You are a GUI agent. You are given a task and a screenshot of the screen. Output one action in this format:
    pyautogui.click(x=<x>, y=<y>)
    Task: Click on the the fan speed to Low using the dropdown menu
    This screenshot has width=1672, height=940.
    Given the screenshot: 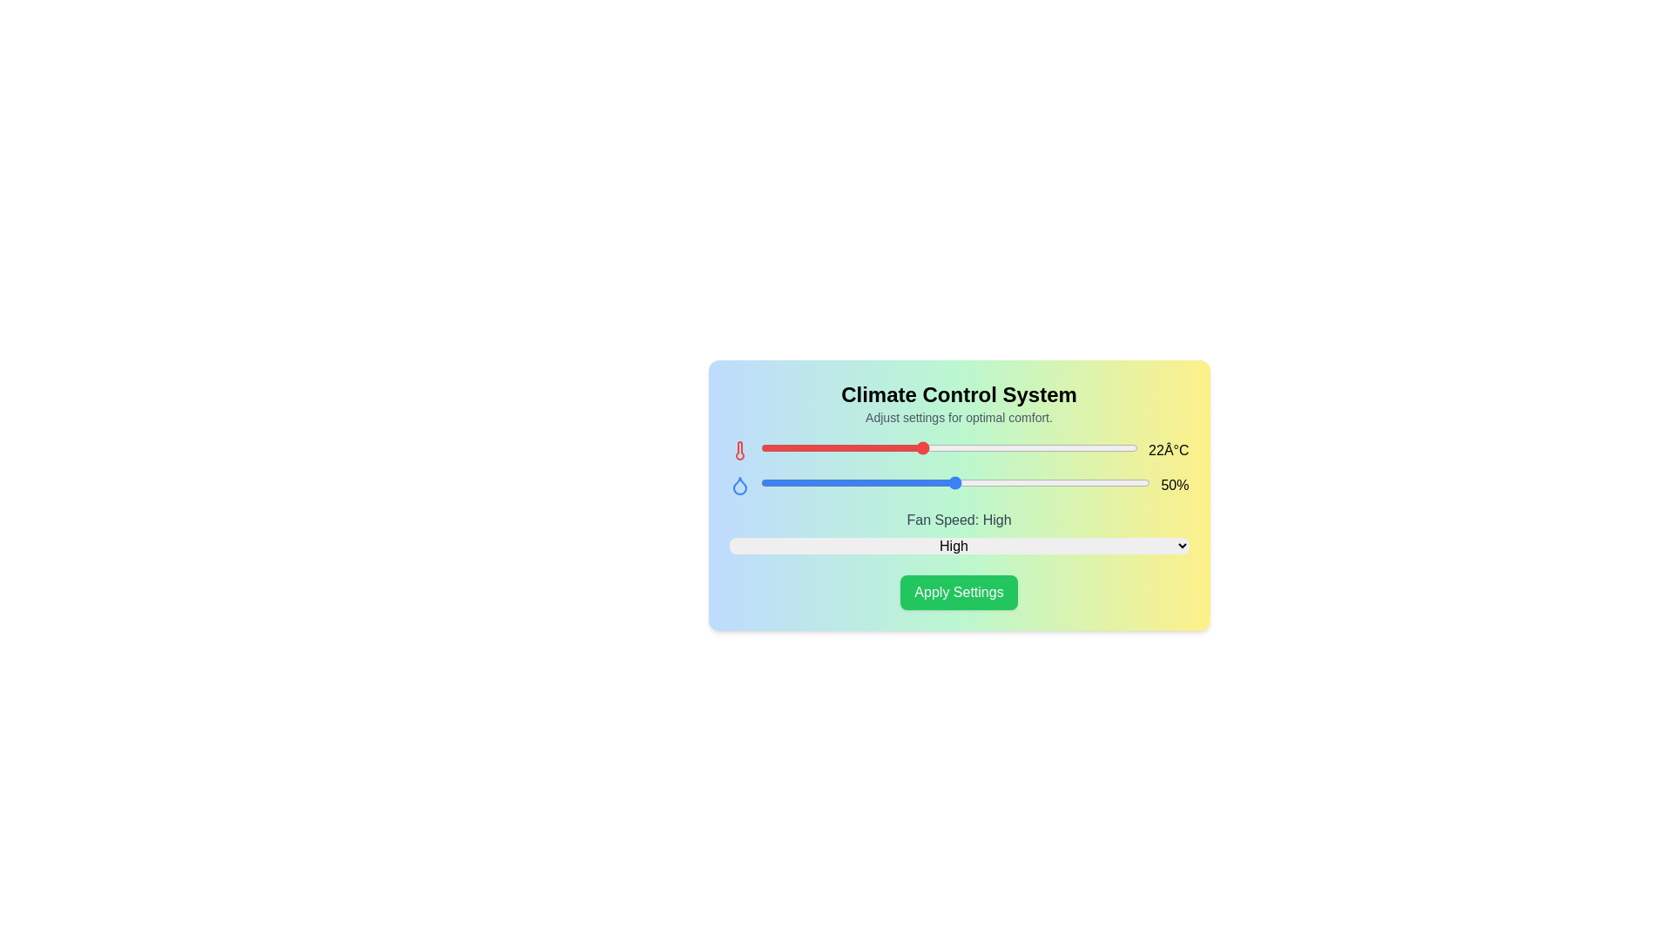 What is the action you would take?
    pyautogui.click(x=958, y=545)
    